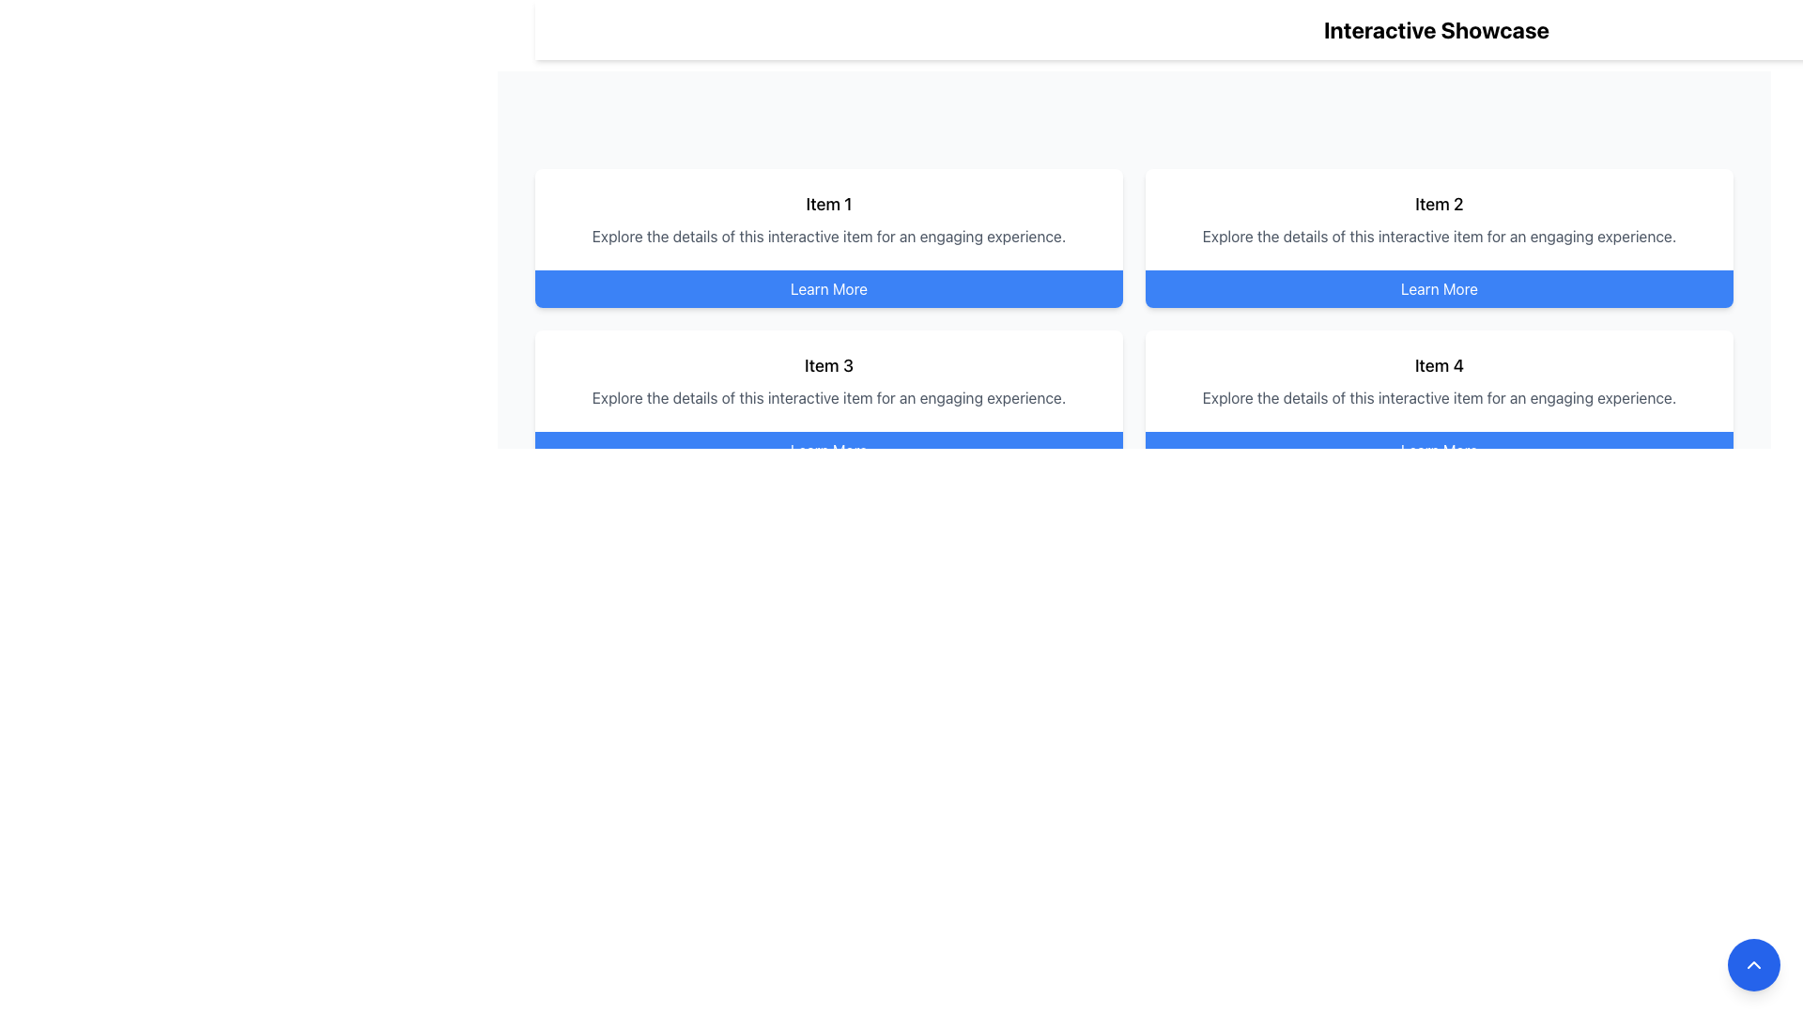  Describe the element at coordinates (1438, 238) in the screenshot. I see `the card labeled 'Item 2' in the grid layout of the 'Interactive Showcase' section` at that location.